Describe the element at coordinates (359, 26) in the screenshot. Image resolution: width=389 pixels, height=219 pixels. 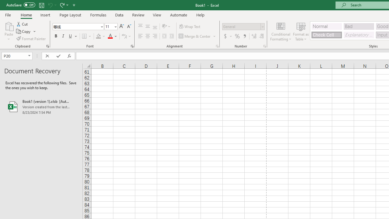
I see `'Bad'` at that location.